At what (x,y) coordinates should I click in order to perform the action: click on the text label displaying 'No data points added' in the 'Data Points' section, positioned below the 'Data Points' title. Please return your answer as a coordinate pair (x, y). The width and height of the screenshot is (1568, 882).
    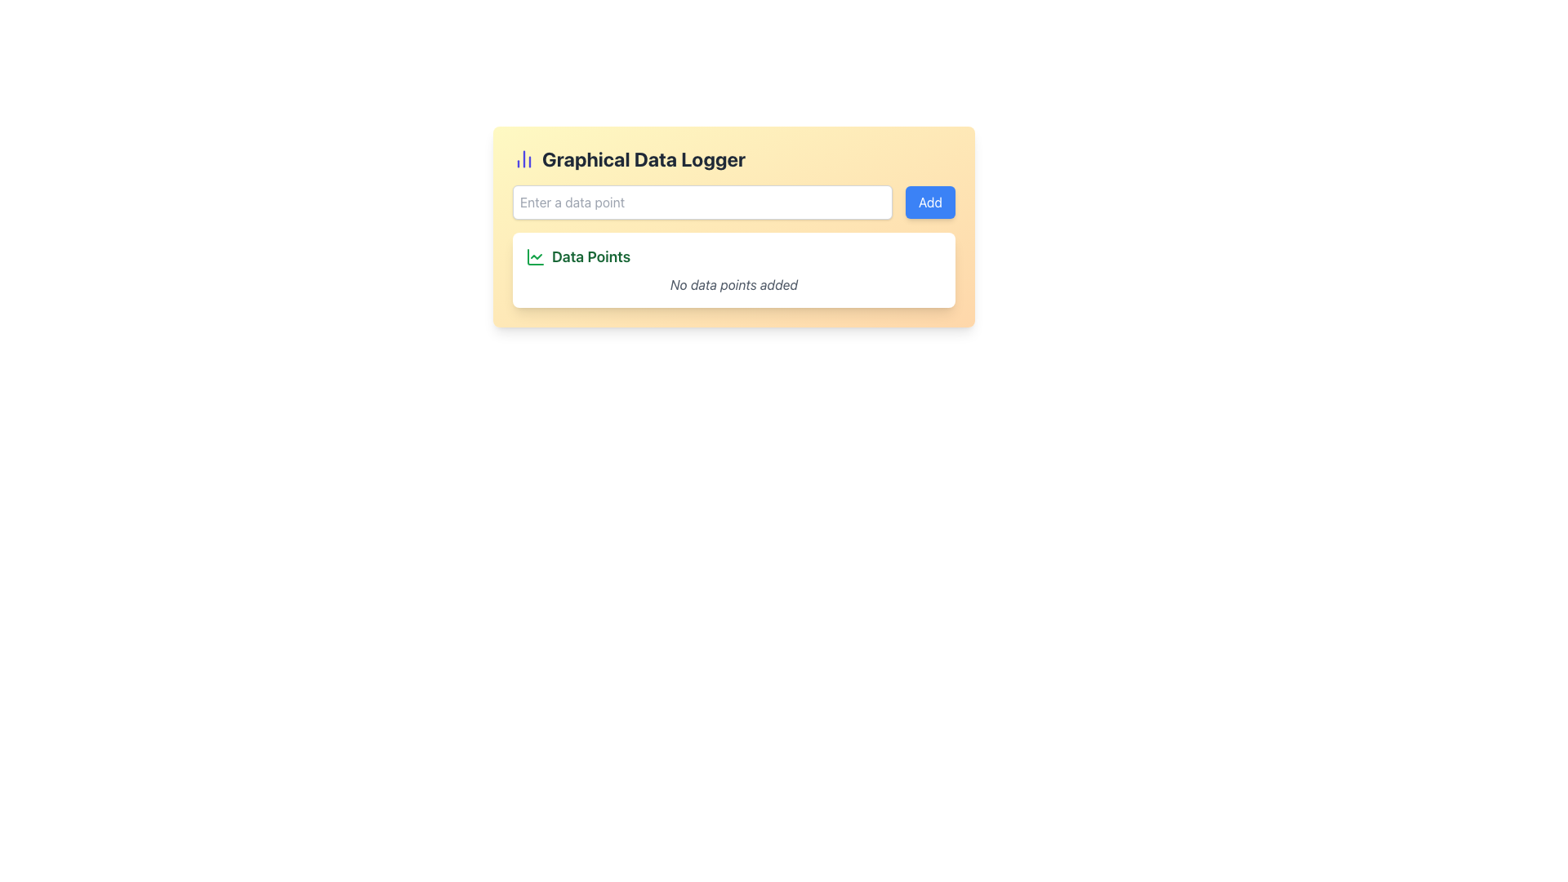
    Looking at the image, I should click on (733, 283).